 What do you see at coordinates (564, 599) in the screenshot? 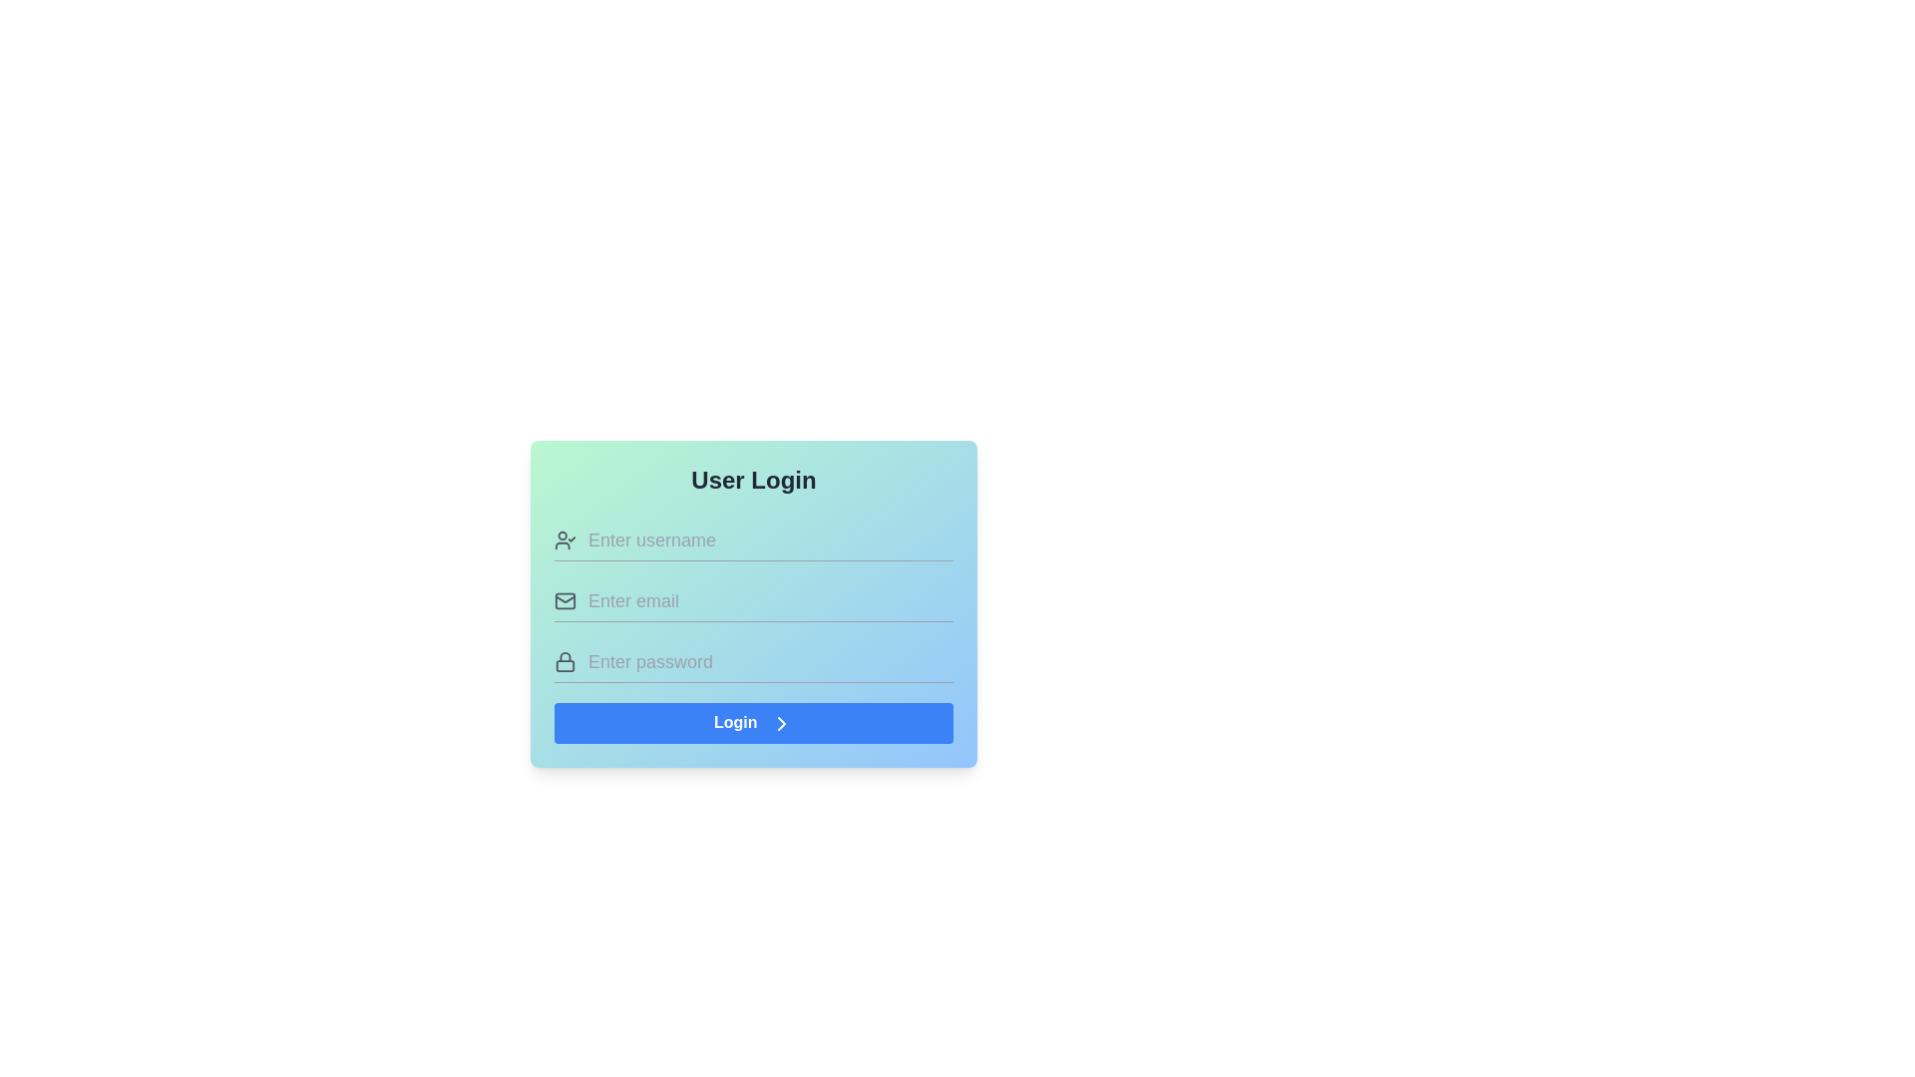
I see `the email input icon located to the left of the 'Enter email' text input field in the login form` at bounding box center [564, 599].